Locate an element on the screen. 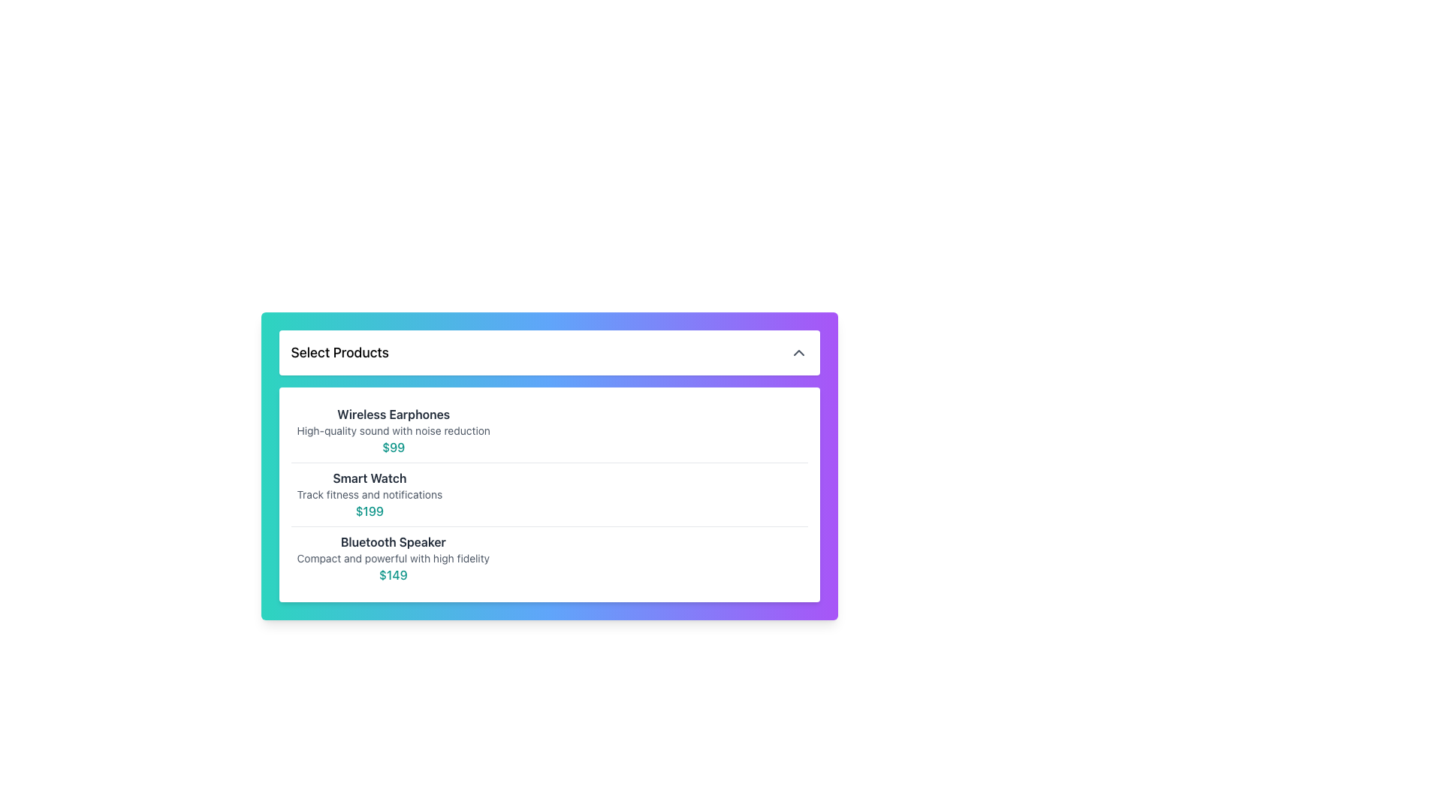 The image size is (1442, 811). the price text element for the product 'Wireless Earphones', located below its title and description is located at coordinates (394, 447).